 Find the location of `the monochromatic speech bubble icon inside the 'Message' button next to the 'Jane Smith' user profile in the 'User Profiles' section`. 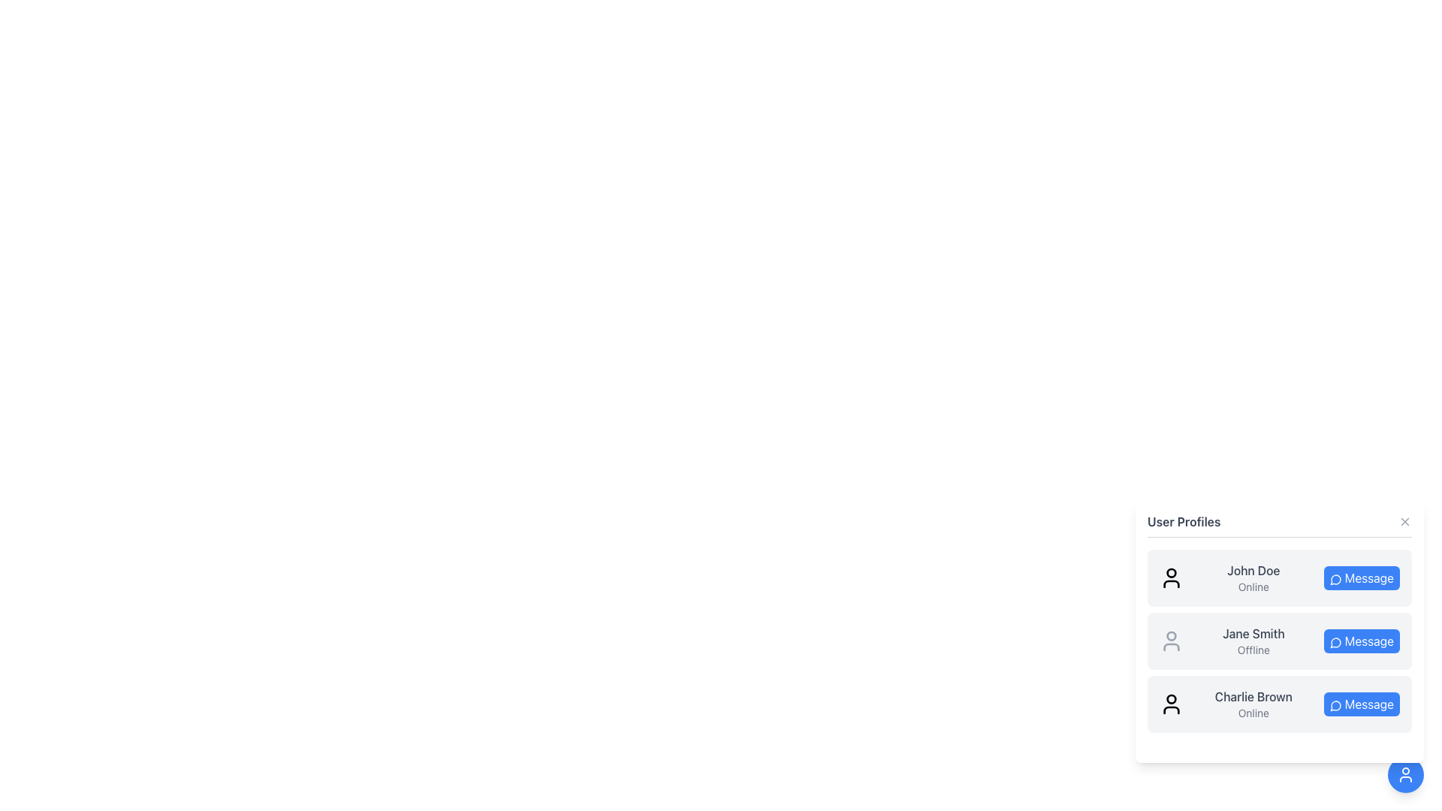

the monochromatic speech bubble icon inside the 'Message' button next to the 'Jane Smith' user profile in the 'User Profiles' section is located at coordinates (1335, 642).